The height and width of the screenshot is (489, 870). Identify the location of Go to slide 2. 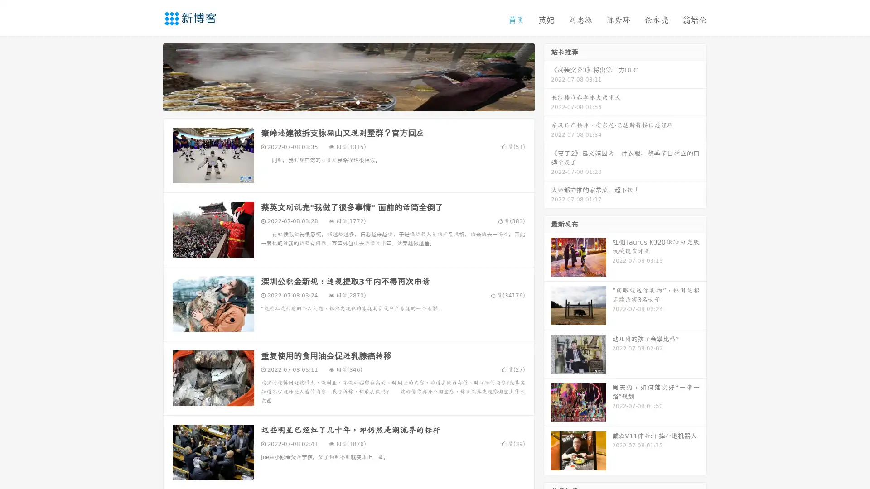
(348, 102).